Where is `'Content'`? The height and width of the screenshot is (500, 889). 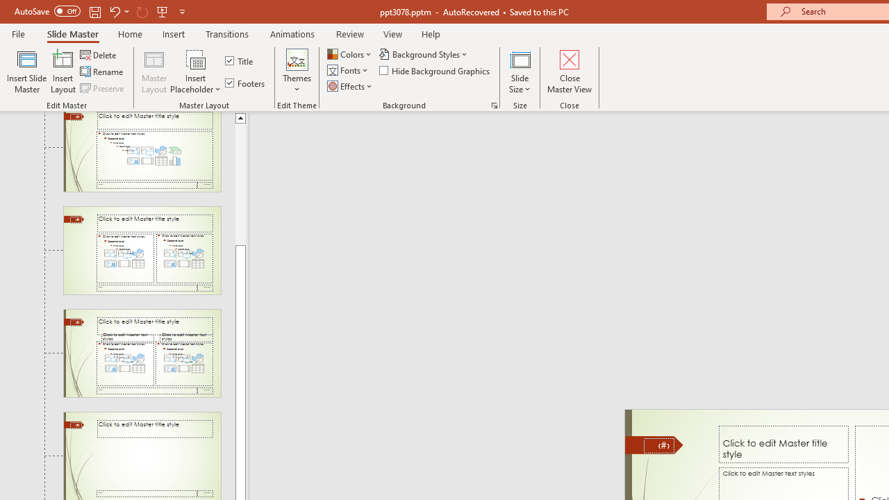 'Content' is located at coordinates (195, 58).